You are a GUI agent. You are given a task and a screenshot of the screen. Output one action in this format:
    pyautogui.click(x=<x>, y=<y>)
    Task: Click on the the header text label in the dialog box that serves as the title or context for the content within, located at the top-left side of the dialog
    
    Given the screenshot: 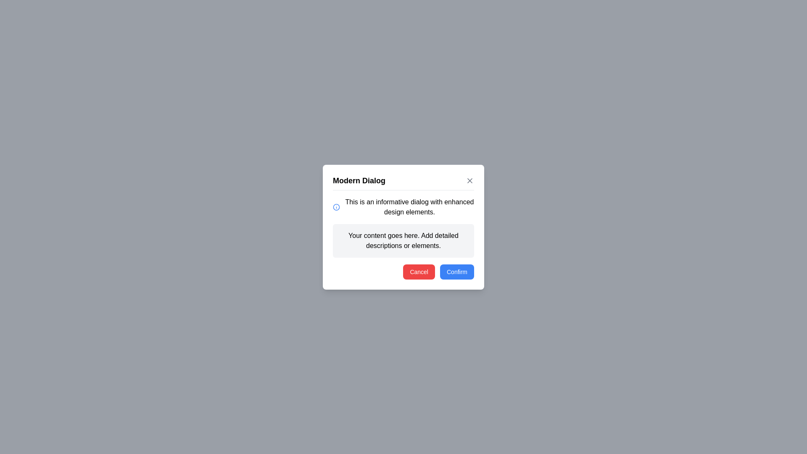 What is the action you would take?
    pyautogui.click(x=359, y=180)
    